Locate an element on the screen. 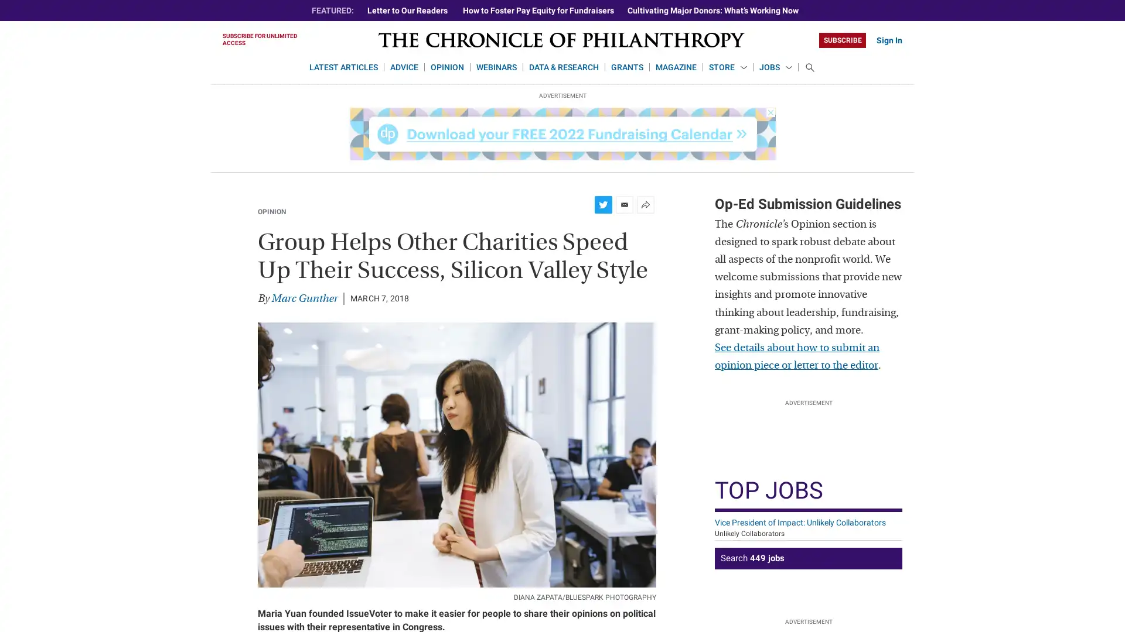 The width and height of the screenshot is (1125, 632). Open Sub Navigation is located at coordinates (742, 68).